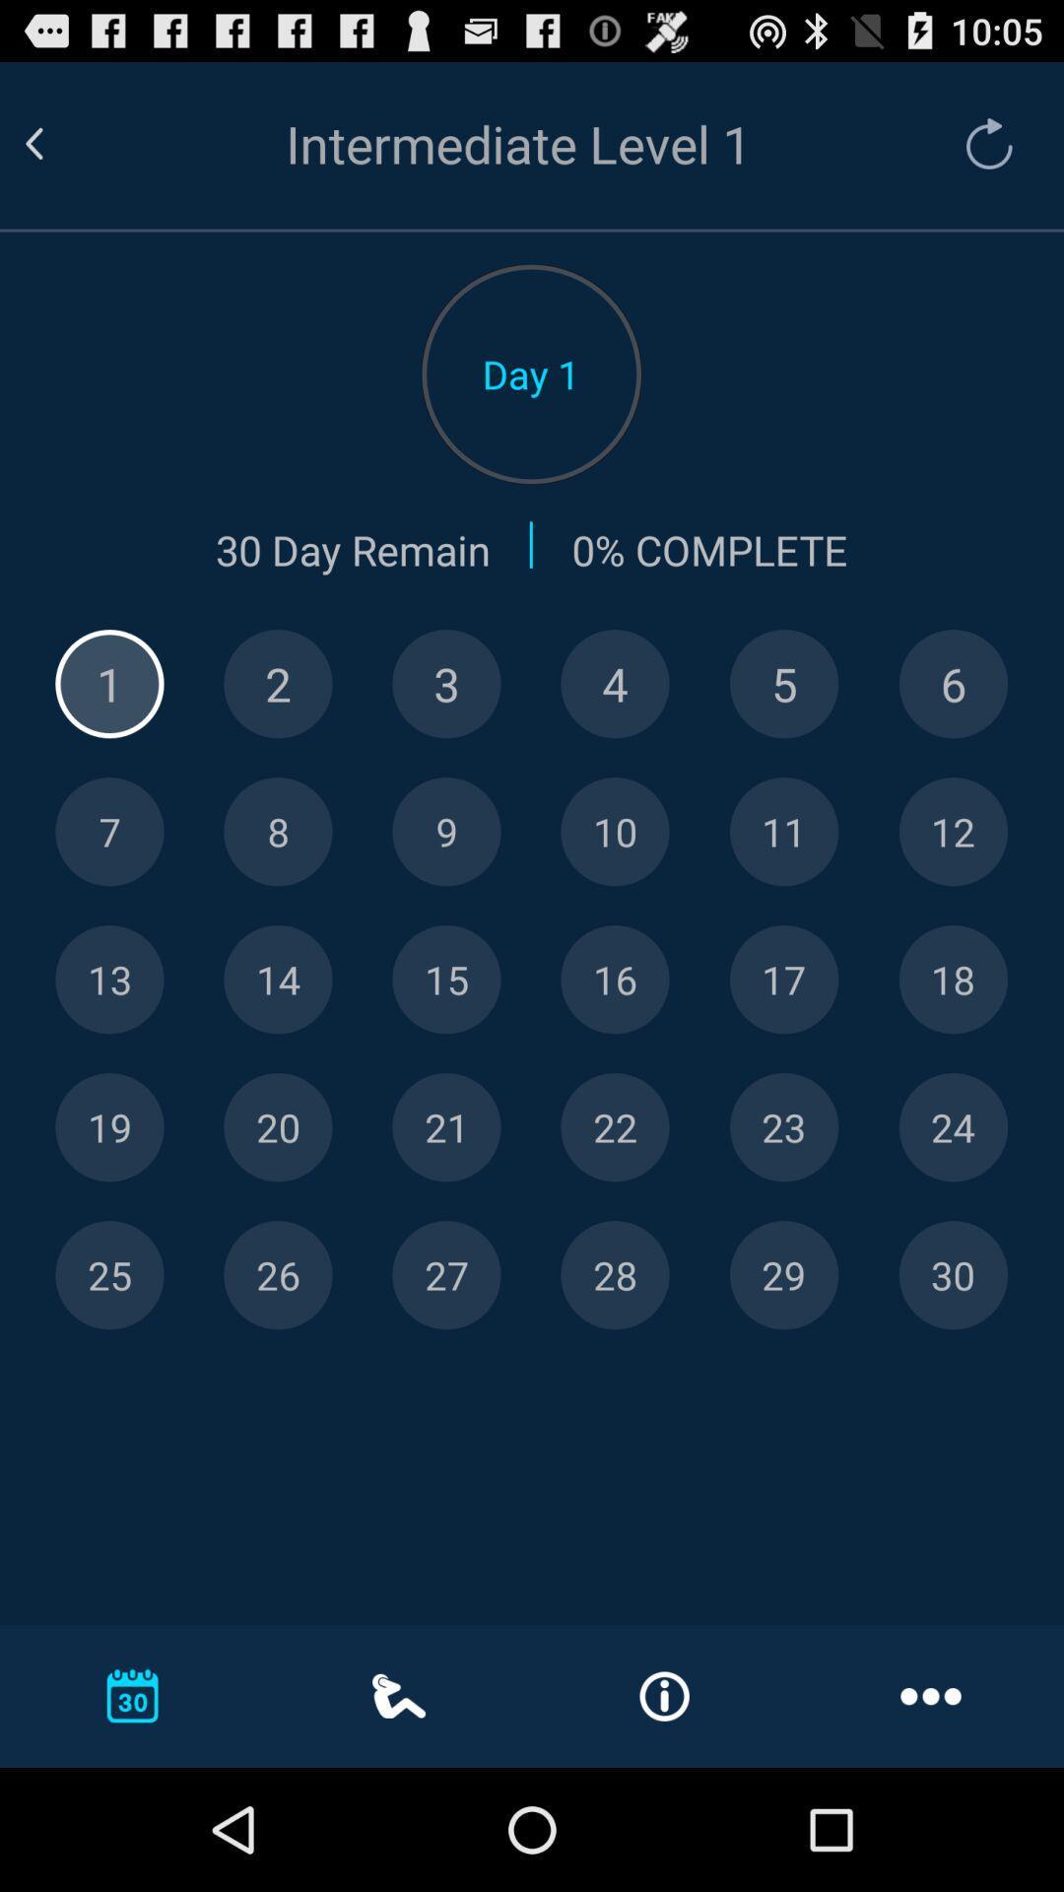  What do you see at coordinates (952, 1275) in the screenshot?
I see `date` at bounding box center [952, 1275].